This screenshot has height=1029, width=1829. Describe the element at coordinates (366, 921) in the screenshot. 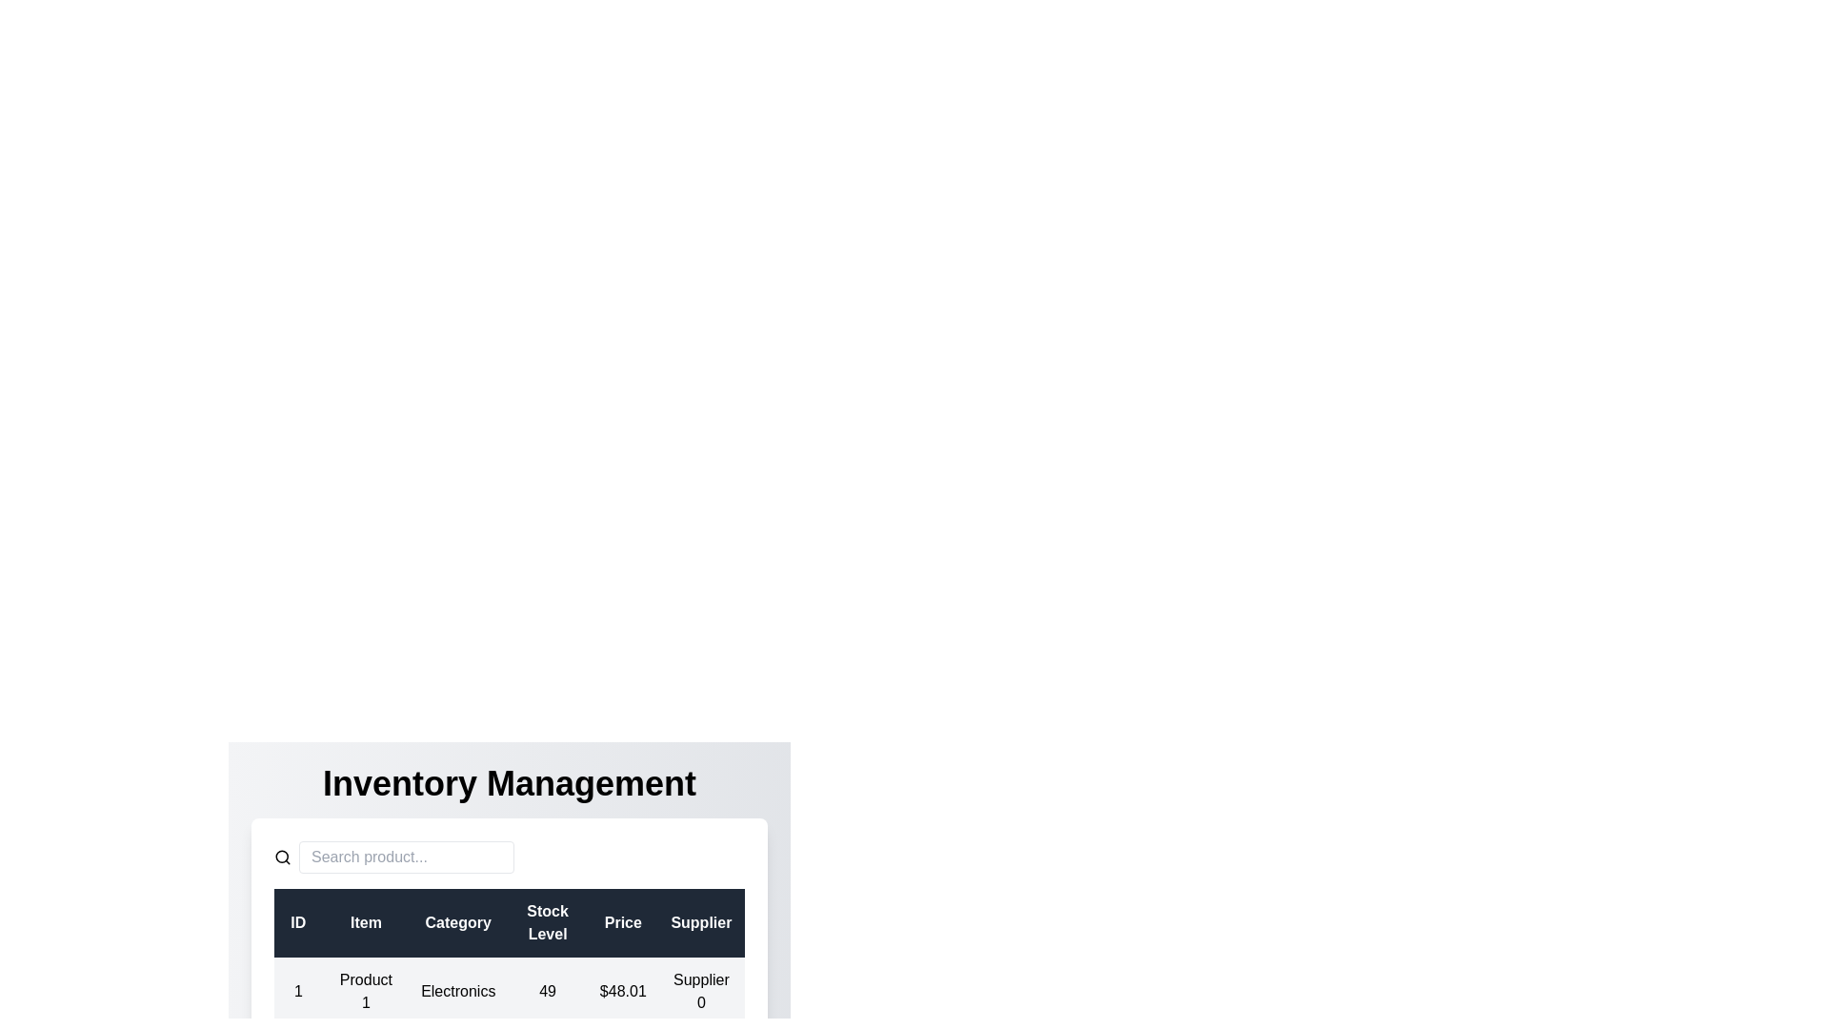

I see `the column header Item to sort the data by that column` at that location.